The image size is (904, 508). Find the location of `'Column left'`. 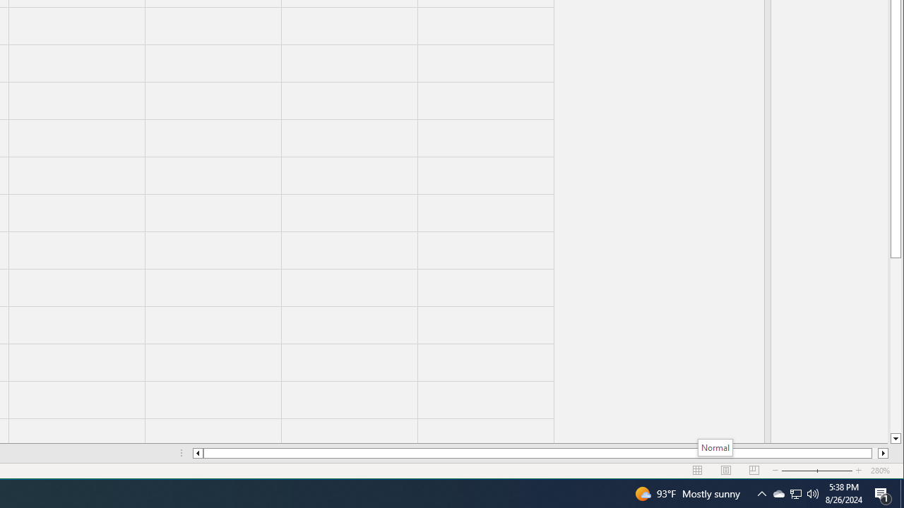

'Column left' is located at coordinates (196, 453).